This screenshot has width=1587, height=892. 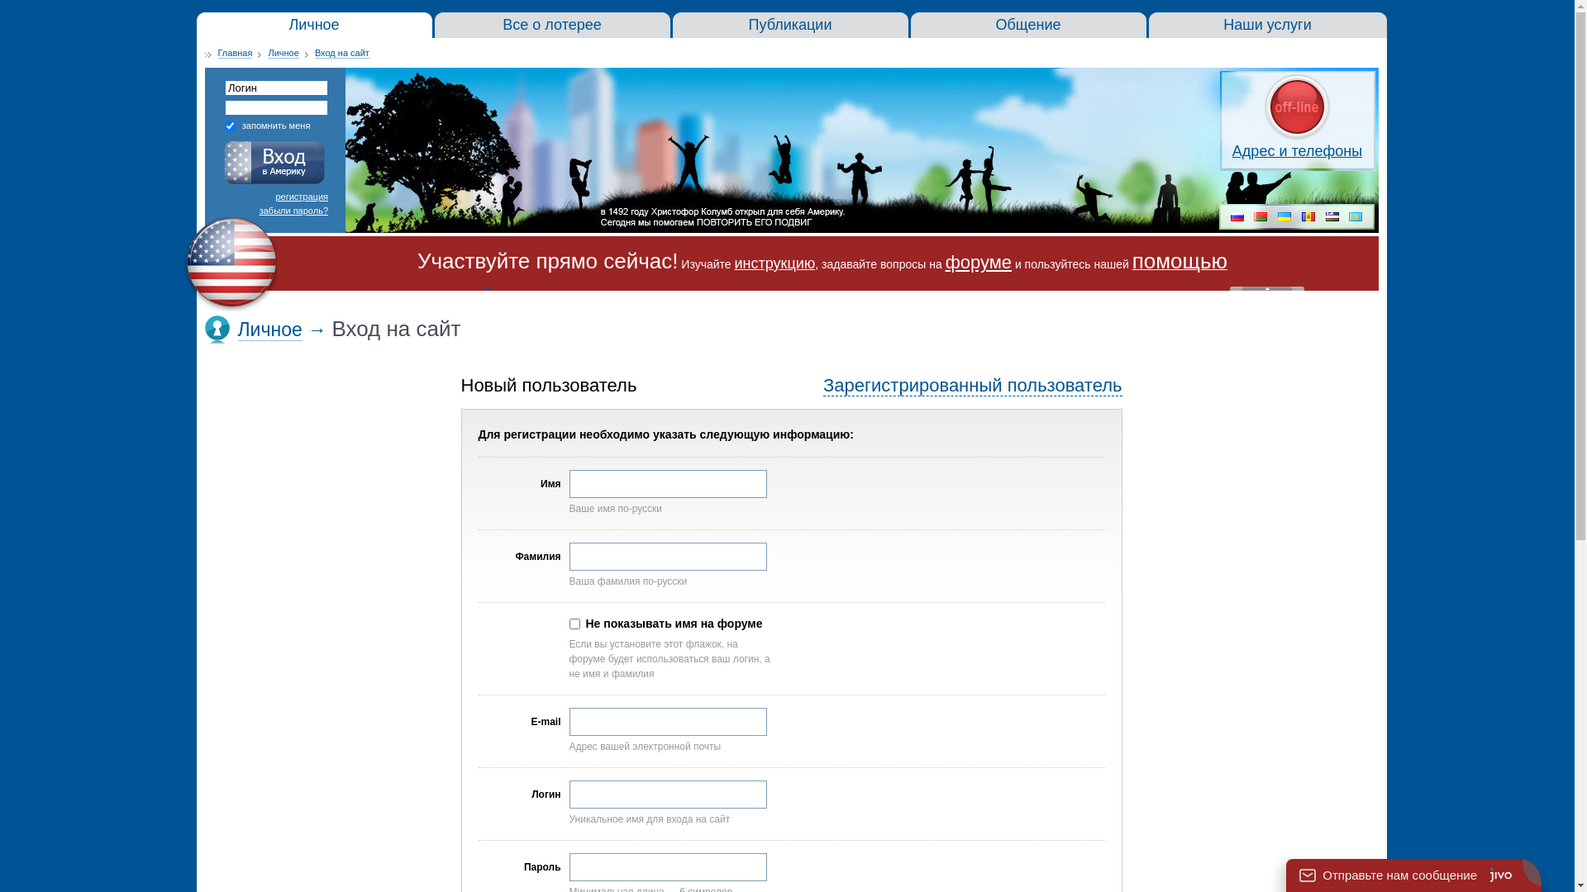 What do you see at coordinates (1260, 217) in the screenshot?
I see `'by'` at bounding box center [1260, 217].